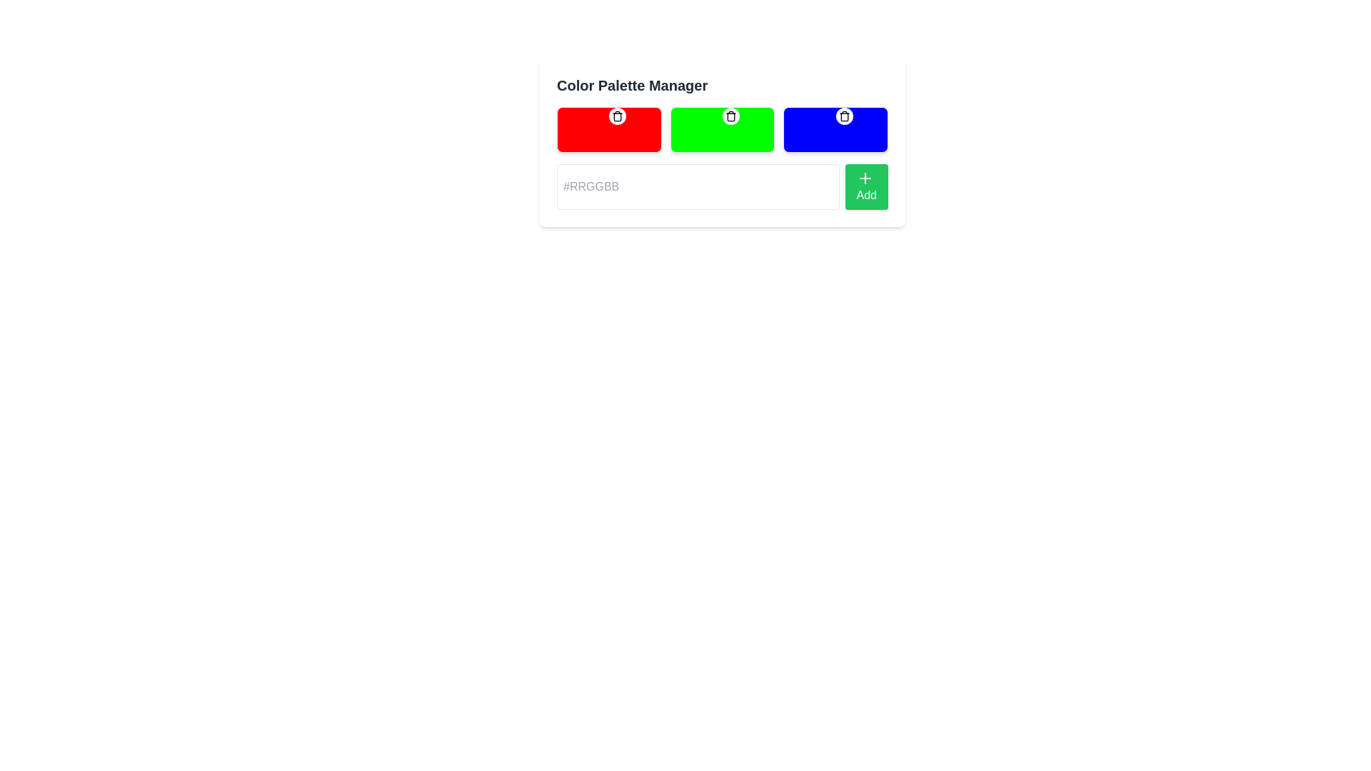 The width and height of the screenshot is (1371, 771). What do you see at coordinates (835, 129) in the screenshot?
I see `the color selection tile representing blue` at bounding box center [835, 129].